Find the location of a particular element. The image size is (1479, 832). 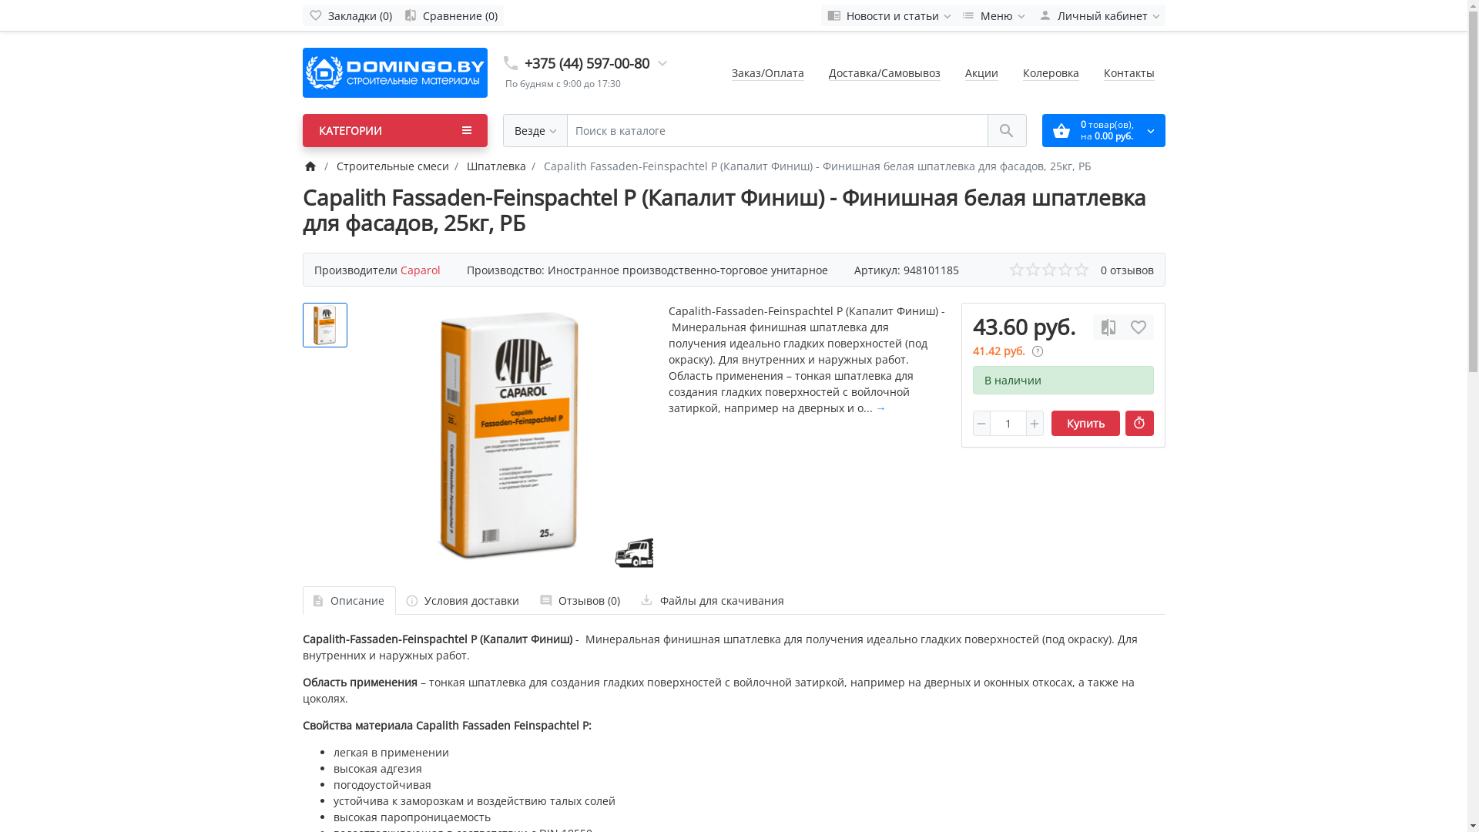

'Caparol' is located at coordinates (421, 269).